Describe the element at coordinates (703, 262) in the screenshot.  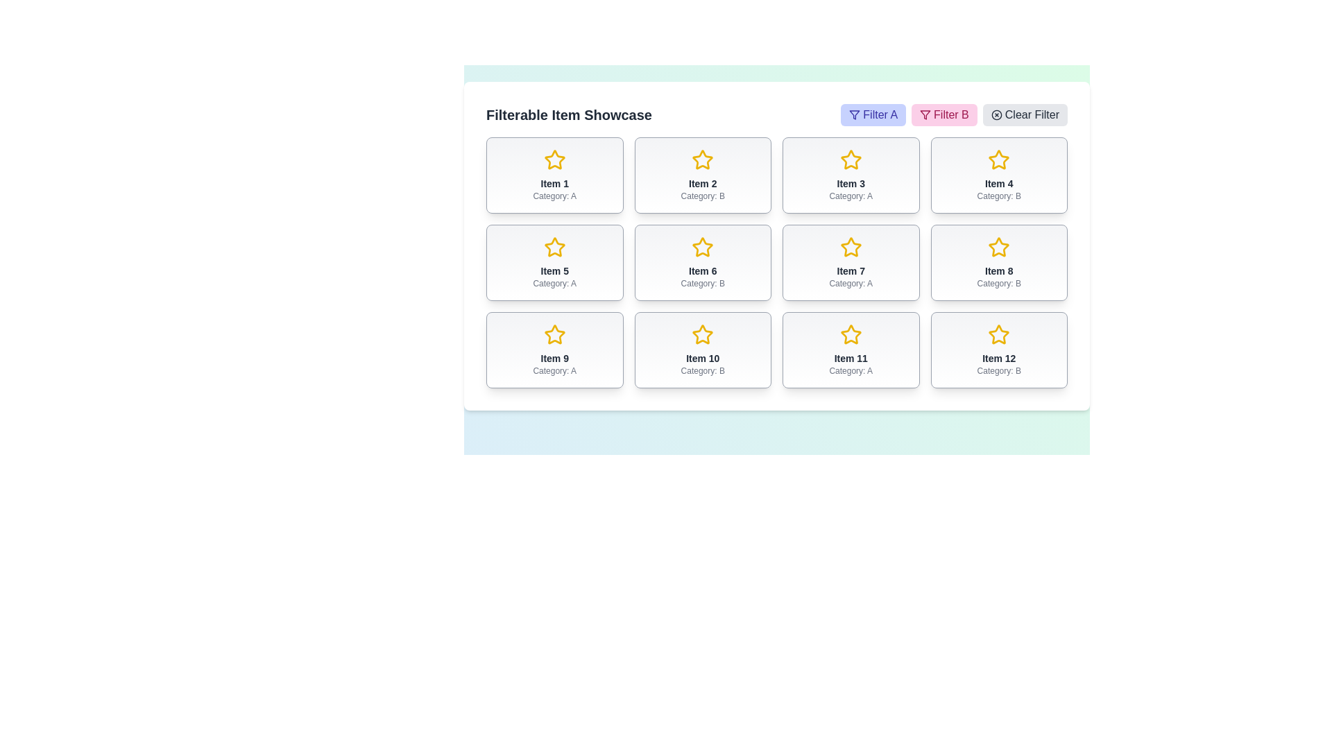
I see `the Information Card labeled 'Item 6' in category 'B', located in the second row and third column of the grid layout` at that location.